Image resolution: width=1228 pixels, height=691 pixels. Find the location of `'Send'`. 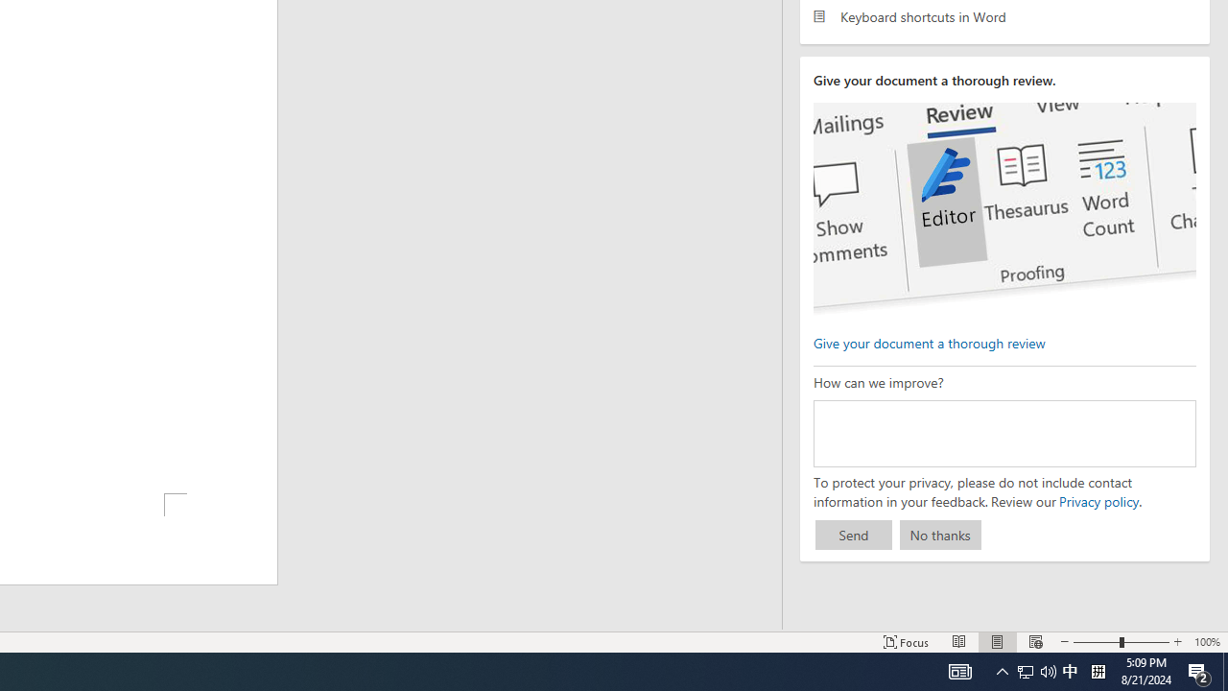

'Send' is located at coordinates (853, 535).